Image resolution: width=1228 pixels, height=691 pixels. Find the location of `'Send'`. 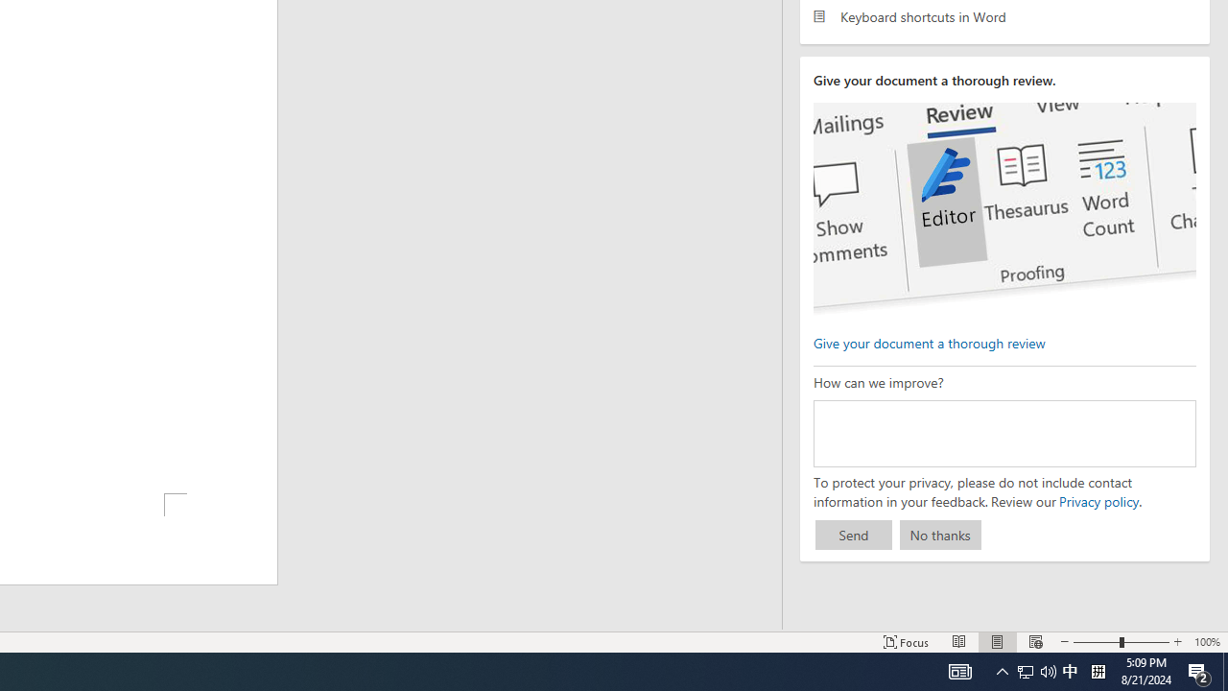

'Send' is located at coordinates (853, 535).